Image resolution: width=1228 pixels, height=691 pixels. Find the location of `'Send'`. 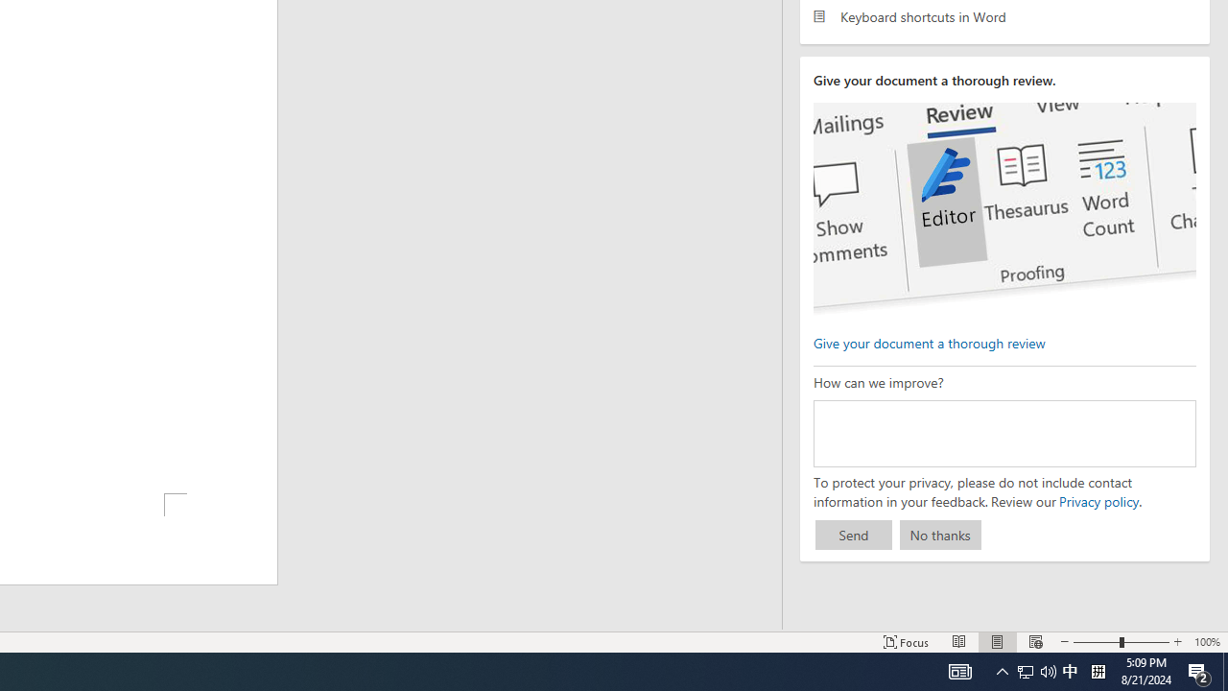

'Send' is located at coordinates (853, 535).